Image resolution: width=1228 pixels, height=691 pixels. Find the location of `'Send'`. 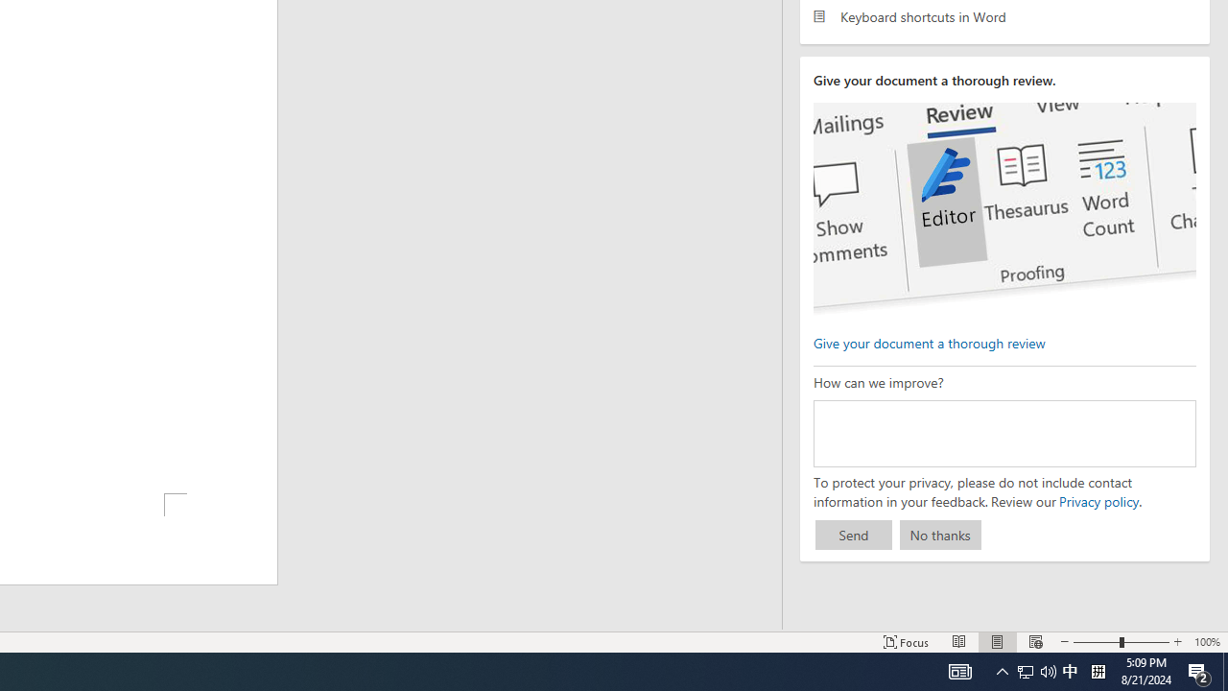

'Send' is located at coordinates (853, 535).